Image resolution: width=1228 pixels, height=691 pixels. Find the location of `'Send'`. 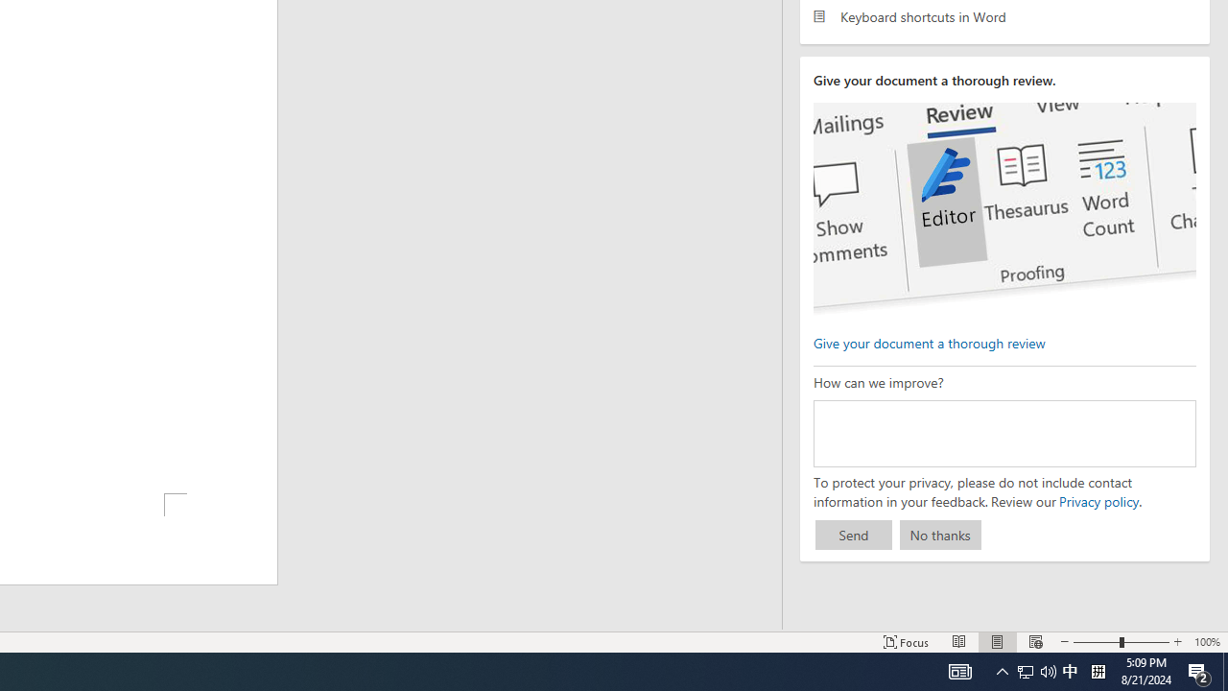

'Send' is located at coordinates (853, 535).